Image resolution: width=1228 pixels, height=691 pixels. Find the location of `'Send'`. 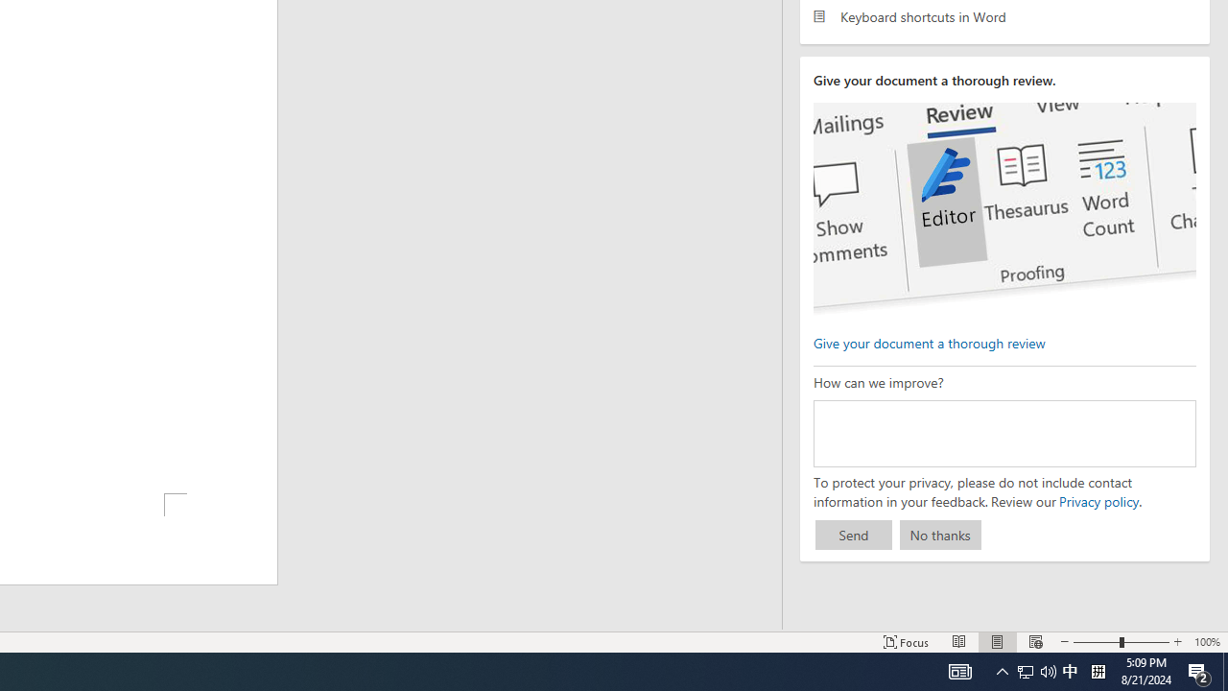

'Send' is located at coordinates (853, 535).